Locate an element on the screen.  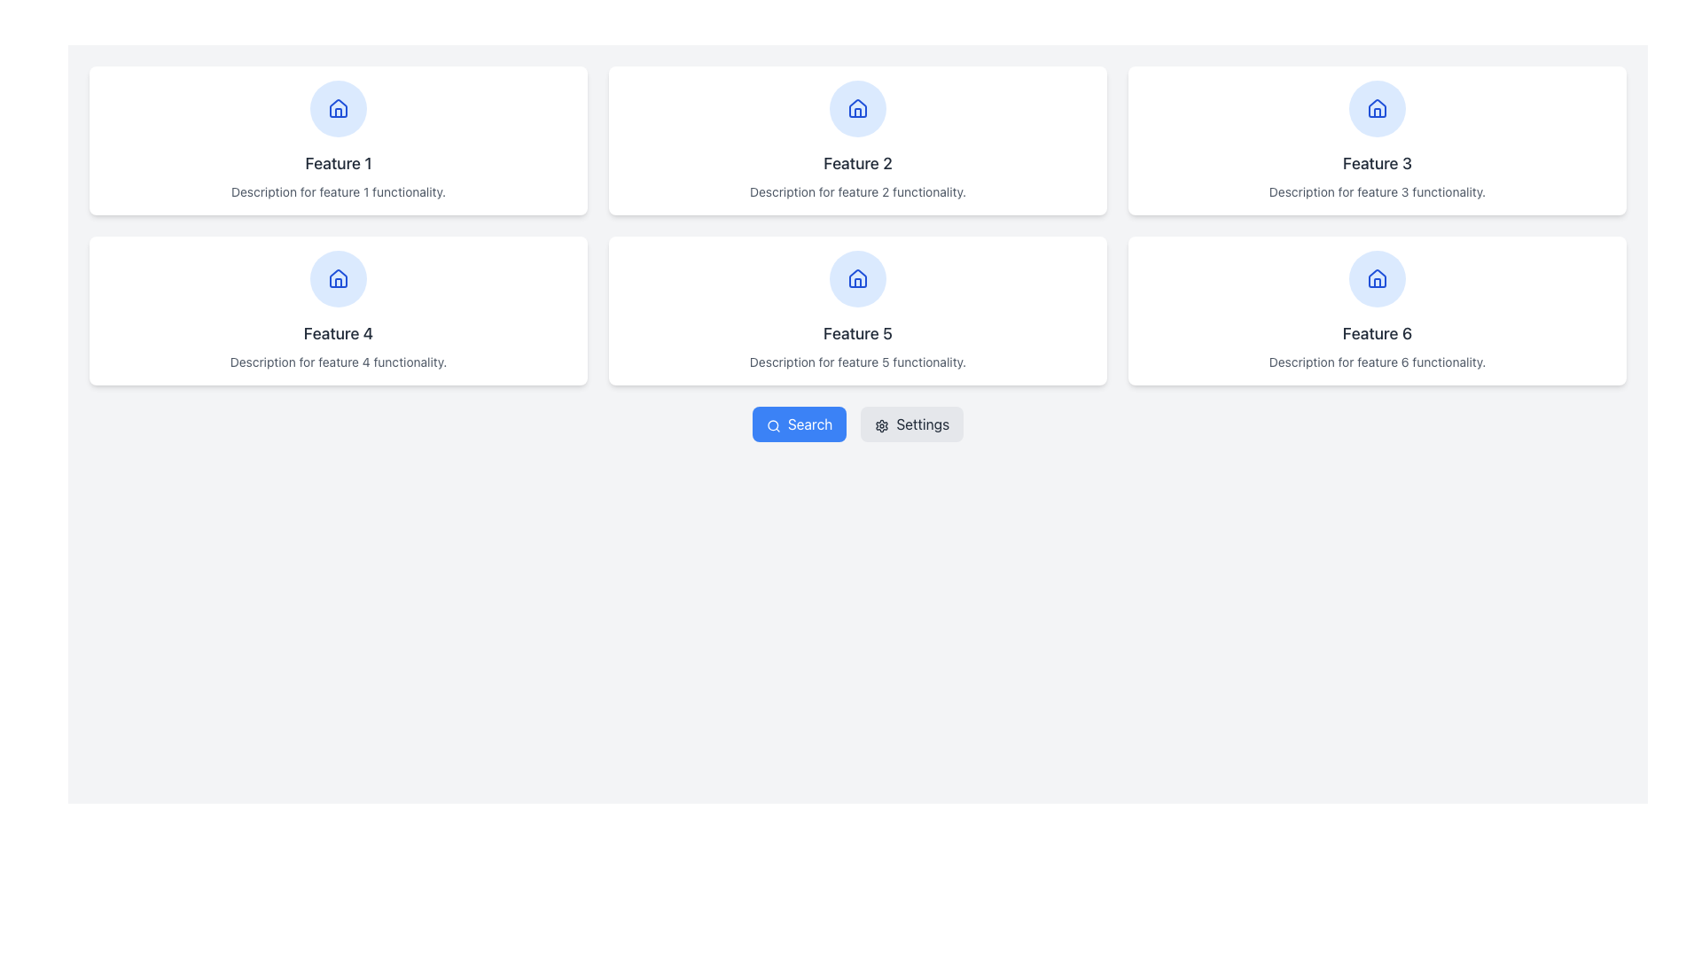
the red house roof icon located above the 'Feature 3' label, which is centered in the third icon row is located at coordinates (1377, 108).